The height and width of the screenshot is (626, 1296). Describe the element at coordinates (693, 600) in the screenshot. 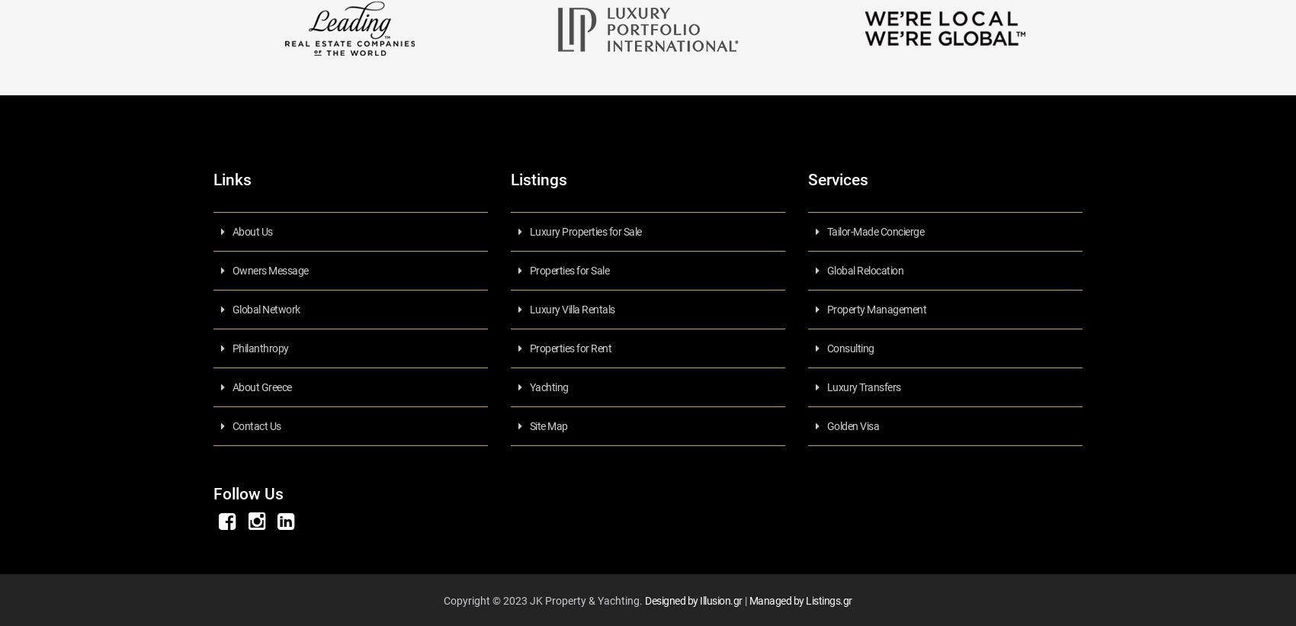

I see `'Designed by Illusion.gr'` at that location.